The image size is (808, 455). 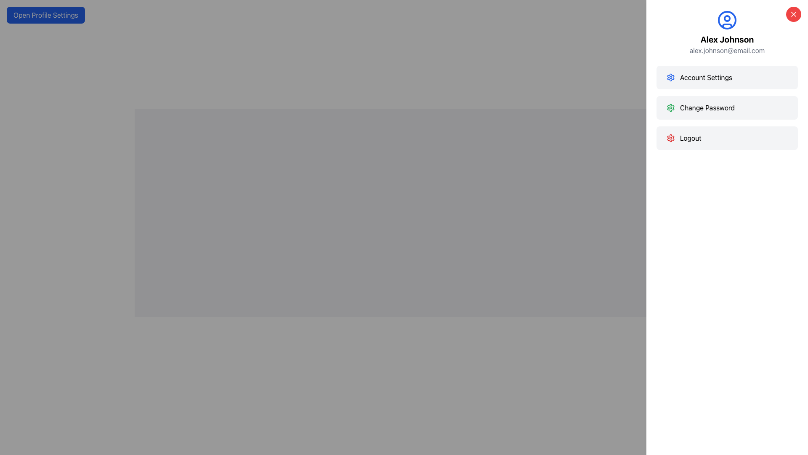 I want to click on the 'Change Password' button, which has a light gray background with black text and a small green settings icon, located in the right-hand panel between 'Account Settings' and 'Logout', so click(x=727, y=107).